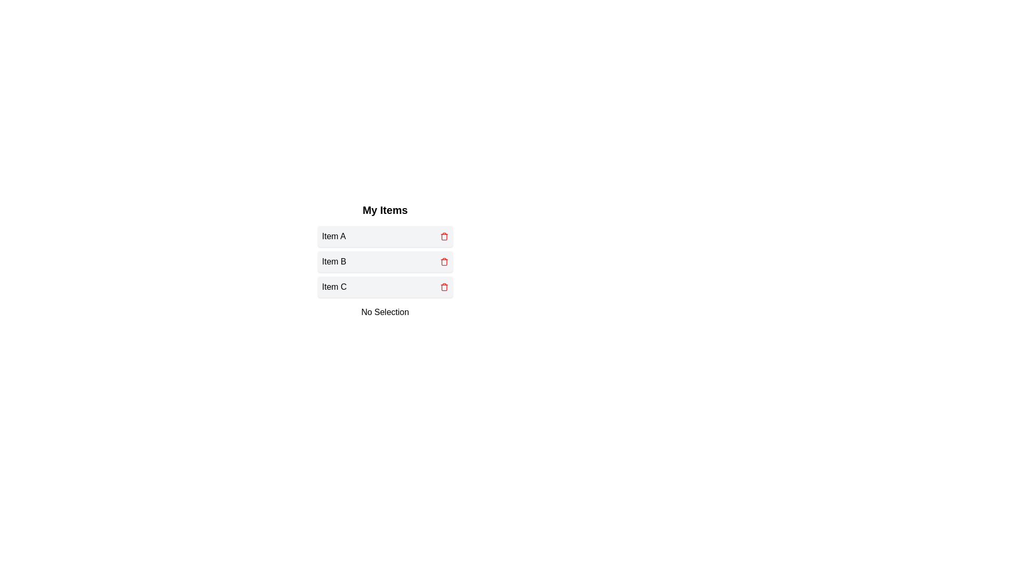  Describe the element at coordinates (333, 236) in the screenshot. I see `the text 'Item A' to select it` at that location.